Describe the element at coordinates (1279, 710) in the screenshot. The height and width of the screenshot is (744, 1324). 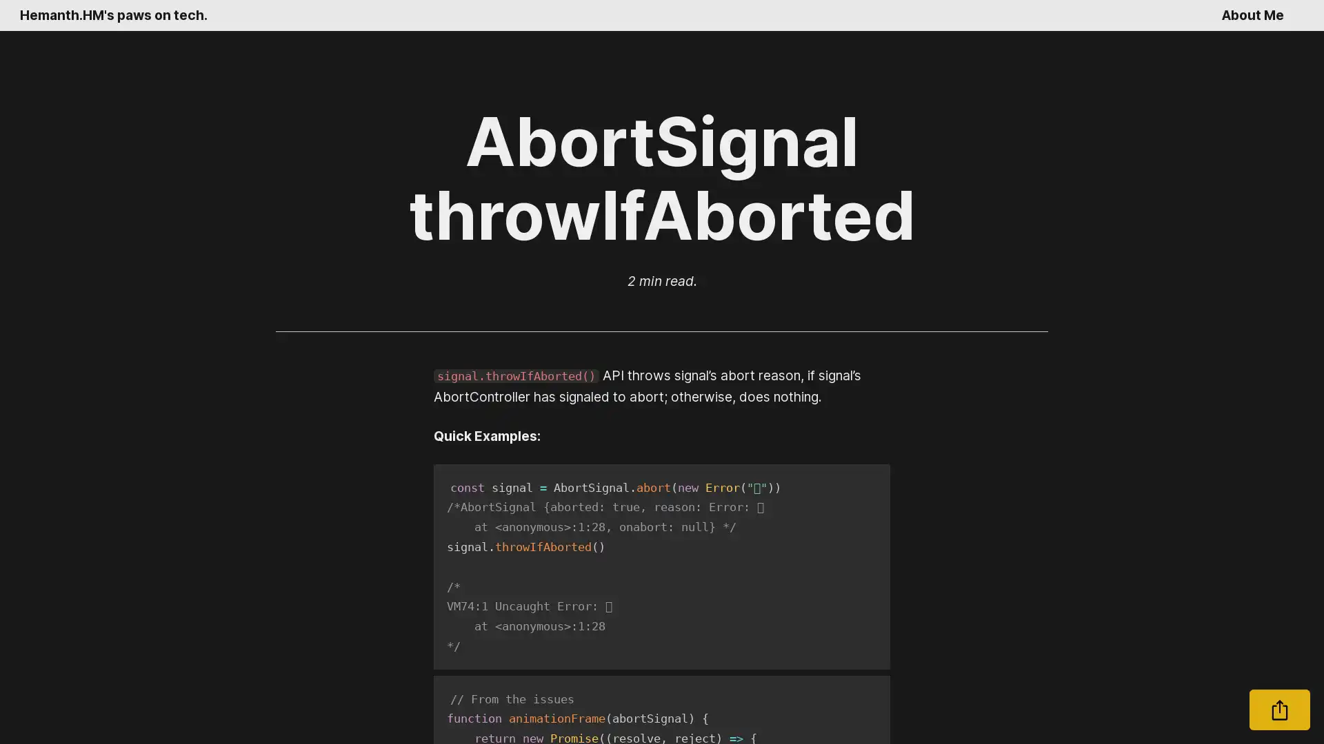
I see `Share` at that location.